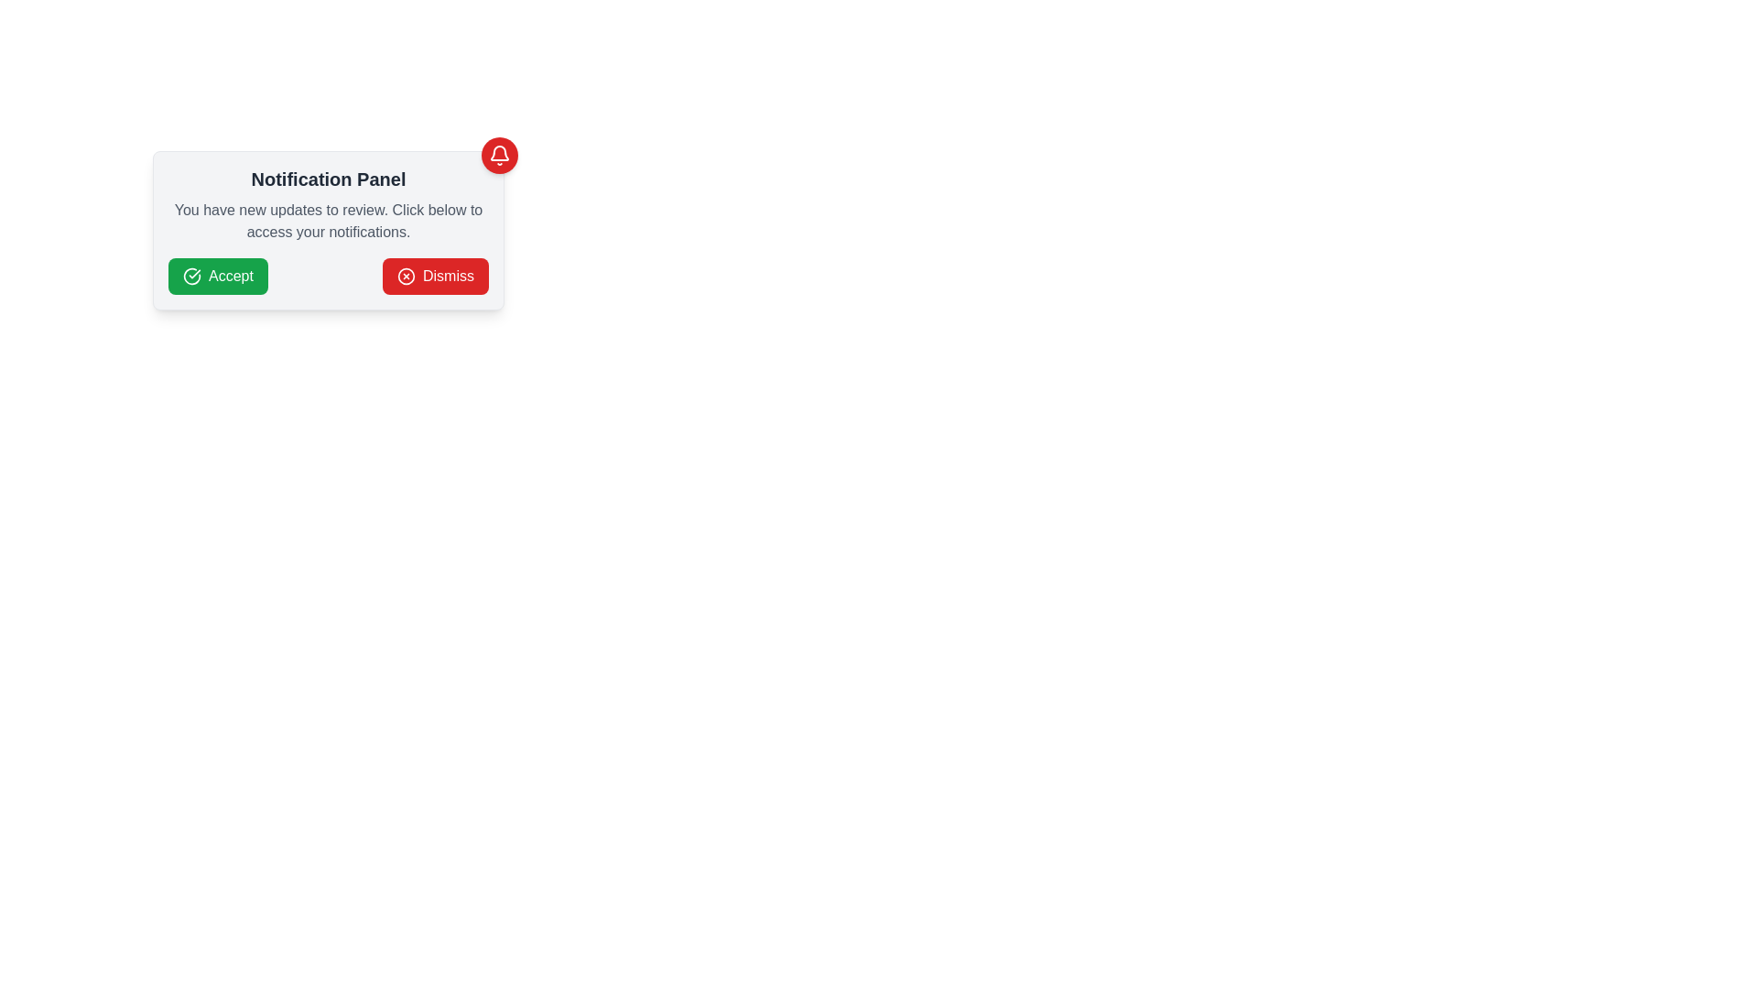  What do you see at coordinates (218, 276) in the screenshot?
I see `the green 'Accept' button with white text and a checkmark icon to confirm the action` at bounding box center [218, 276].